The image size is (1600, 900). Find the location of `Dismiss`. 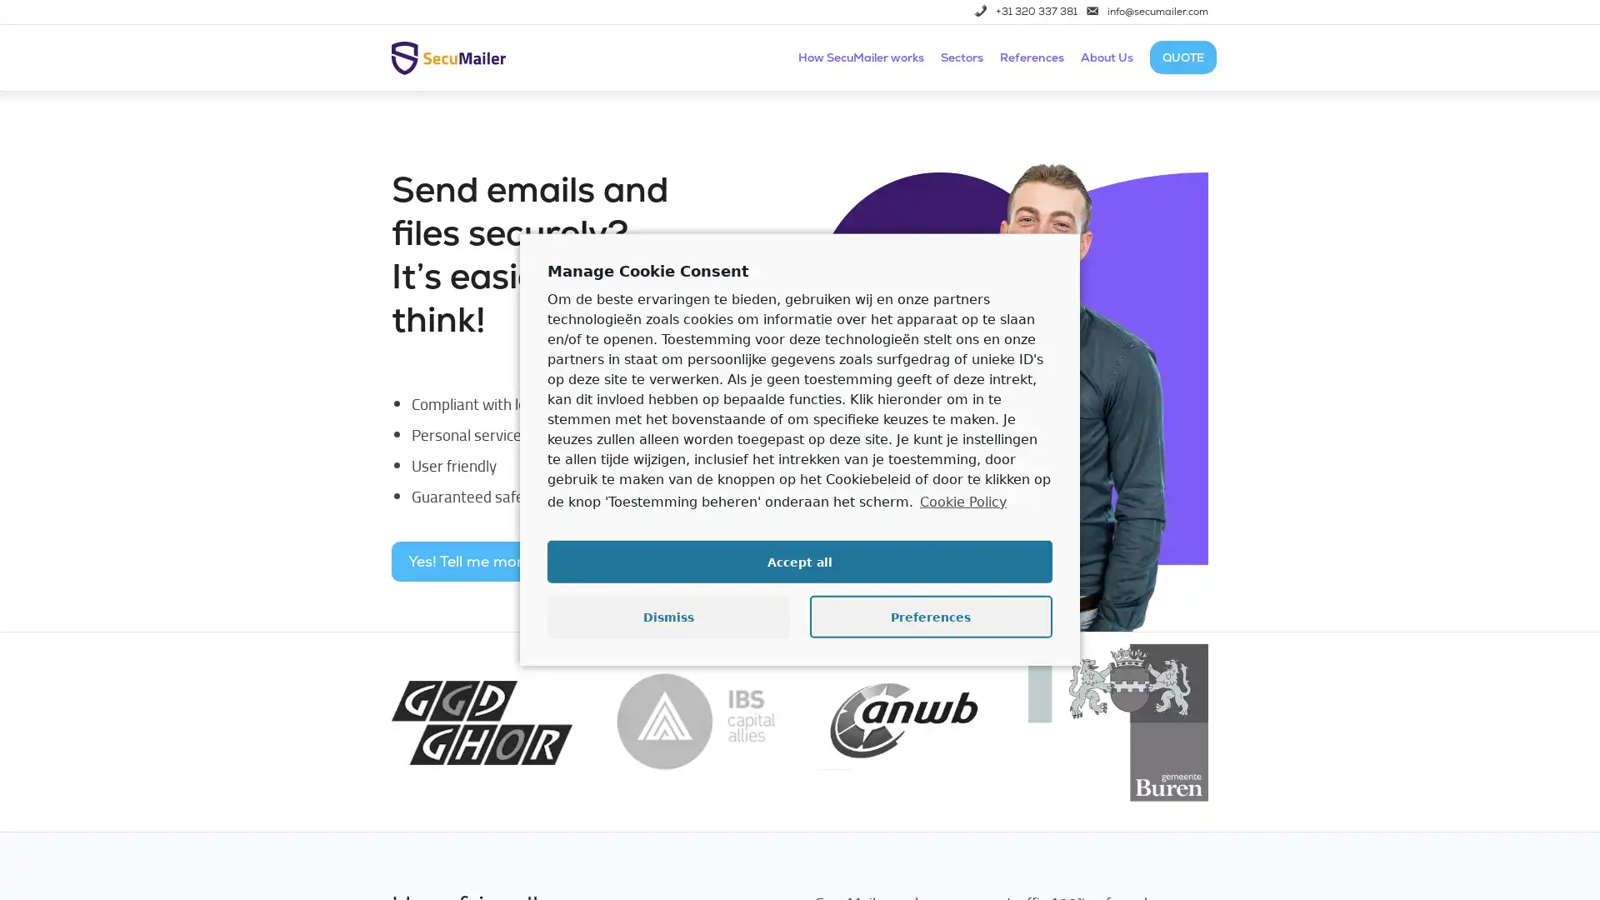

Dismiss is located at coordinates (668, 617).